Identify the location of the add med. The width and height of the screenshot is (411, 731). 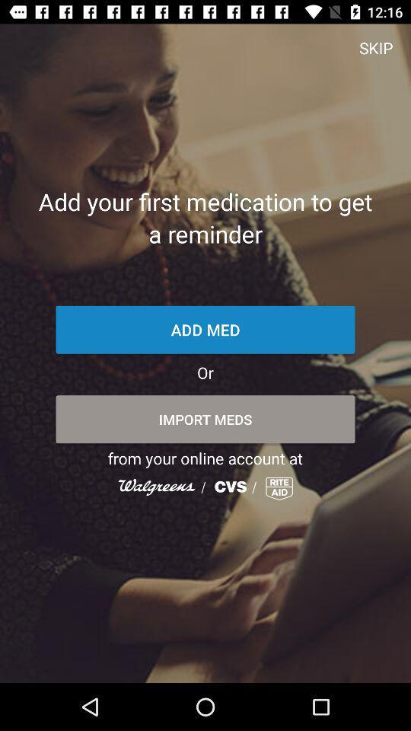
(205, 330).